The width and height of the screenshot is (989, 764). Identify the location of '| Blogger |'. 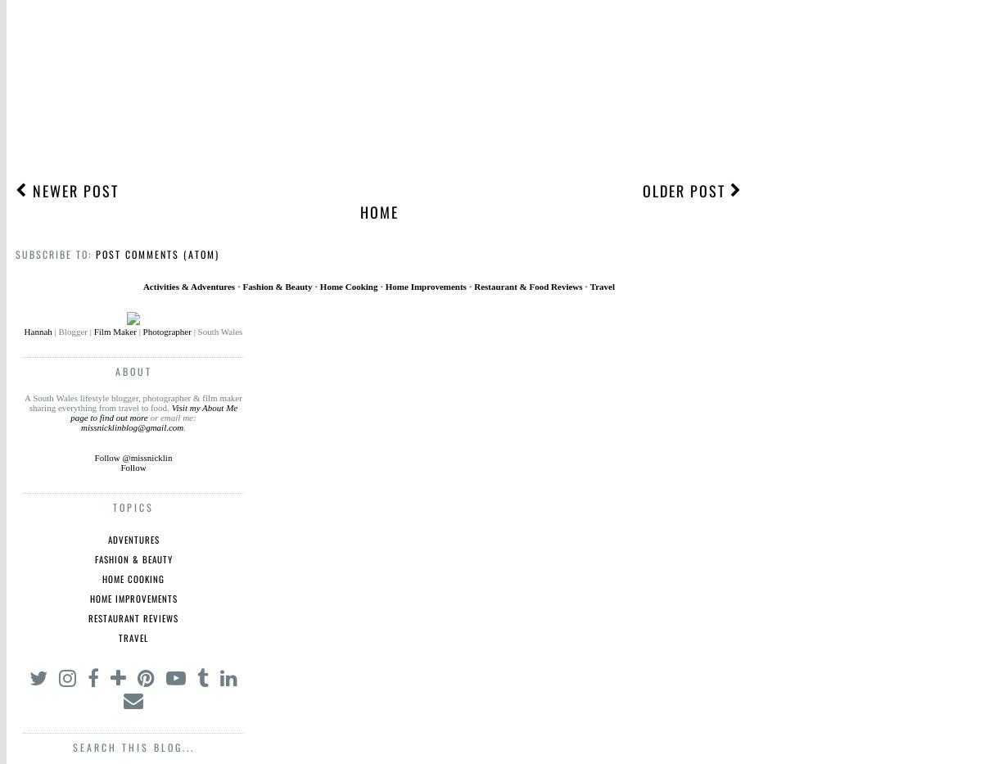
(71, 332).